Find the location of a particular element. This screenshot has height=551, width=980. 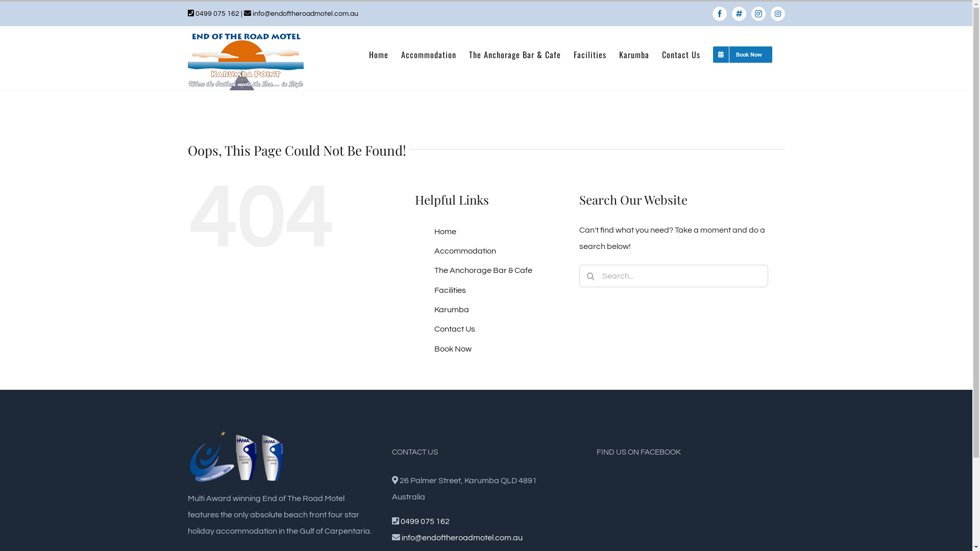

'Book Now' is located at coordinates (742, 55).